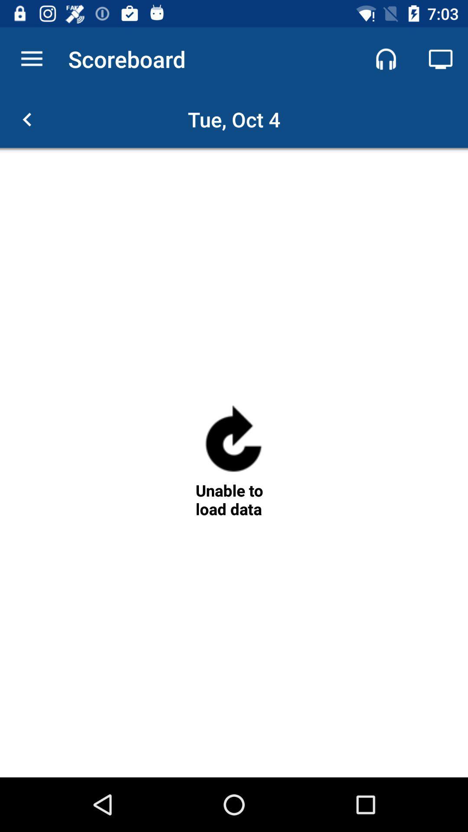 The height and width of the screenshot is (832, 468). What do you see at coordinates (386, 58) in the screenshot?
I see `the app to the right of the scoreboard item` at bounding box center [386, 58].